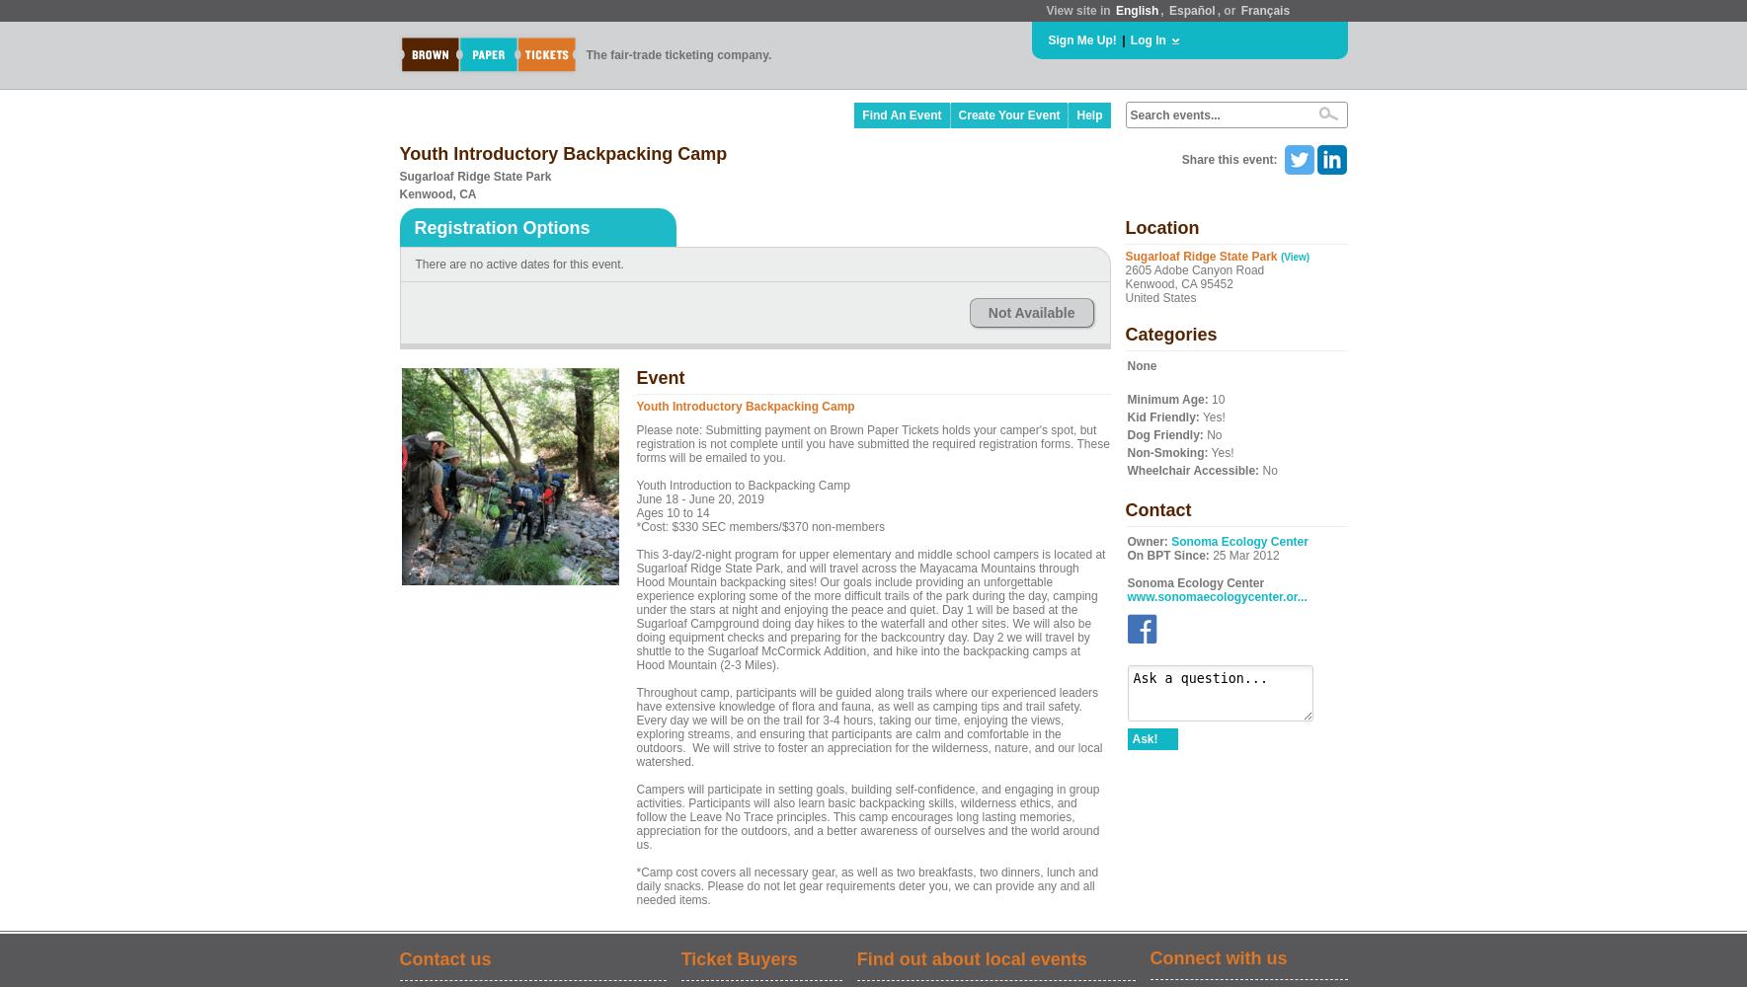 The height and width of the screenshot is (987, 1747). What do you see at coordinates (1192, 470) in the screenshot?
I see `'Wheelchair Accessible:'` at bounding box center [1192, 470].